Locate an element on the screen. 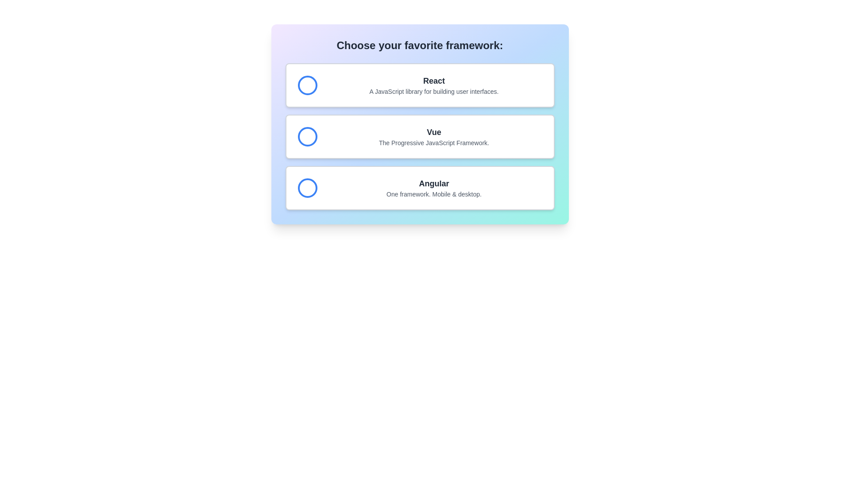 This screenshot has height=478, width=850. the 'Vue' button, which is a rectangular UI element with a white background and a circular blue icon on the left, positioned between 'React' and 'Angular' in the framework options list is located at coordinates (419, 136).